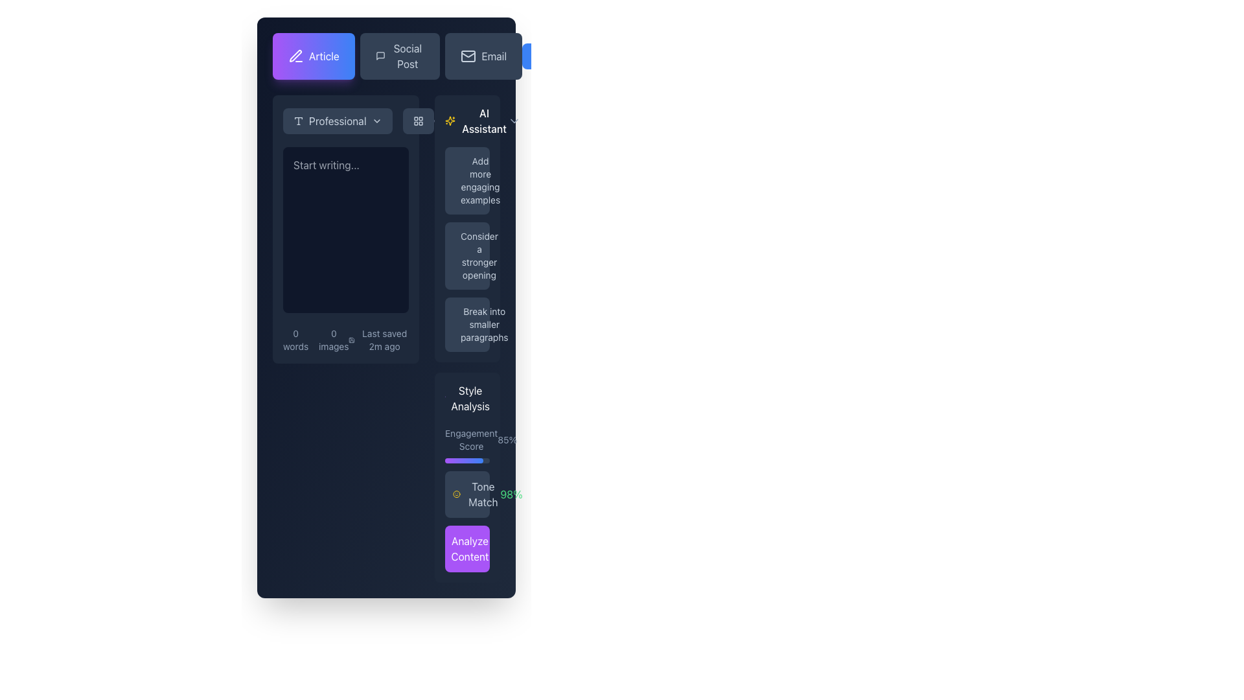 Image resolution: width=1244 pixels, height=700 pixels. Describe the element at coordinates (418, 121) in the screenshot. I see `the button located immediately to the right of the 'Professional' dropdown menu` at that location.